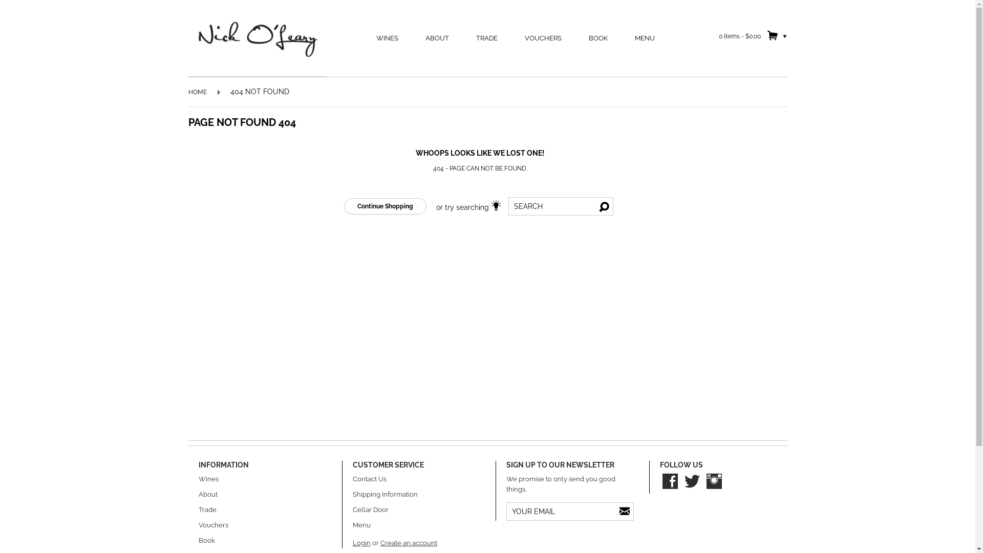 This screenshot has height=553, width=983. Describe the element at coordinates (644, 37) in the screenshot. I see `'MENU'` at that location.